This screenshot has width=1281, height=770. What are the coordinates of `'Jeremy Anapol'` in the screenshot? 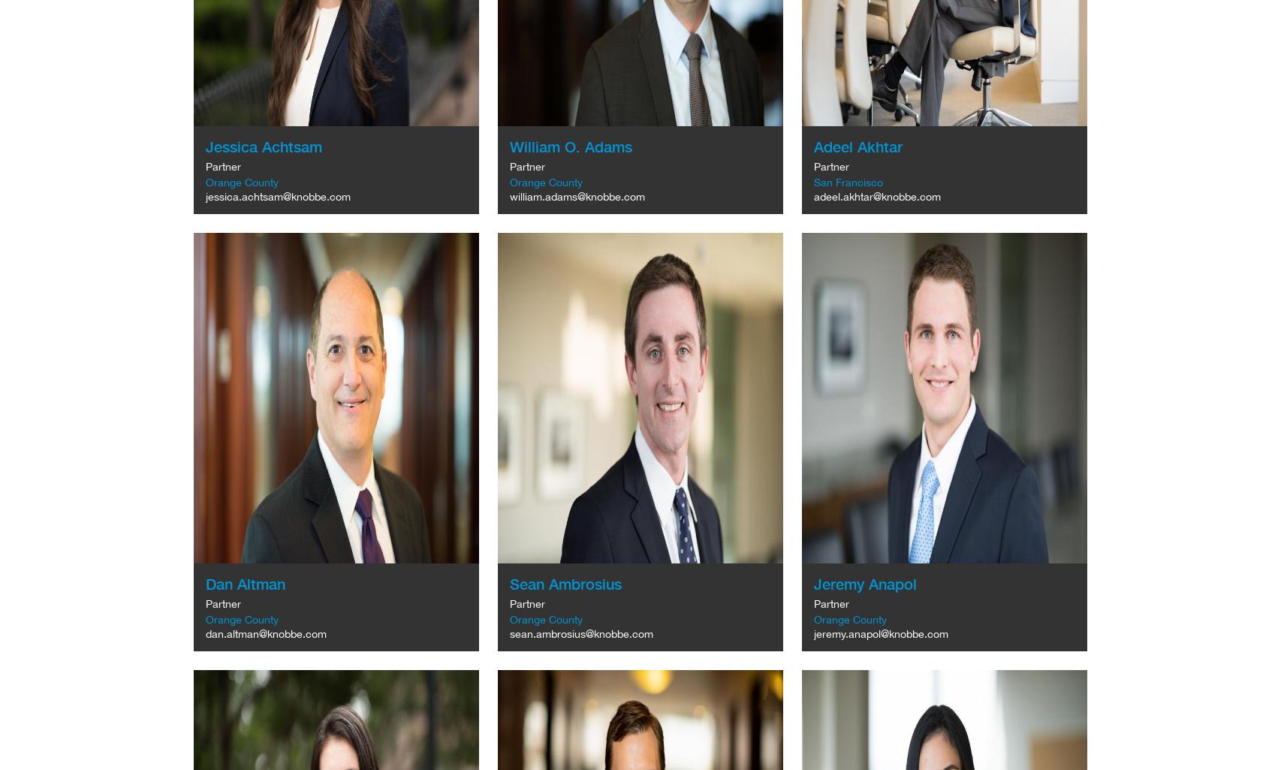 It's located at (864, 583).